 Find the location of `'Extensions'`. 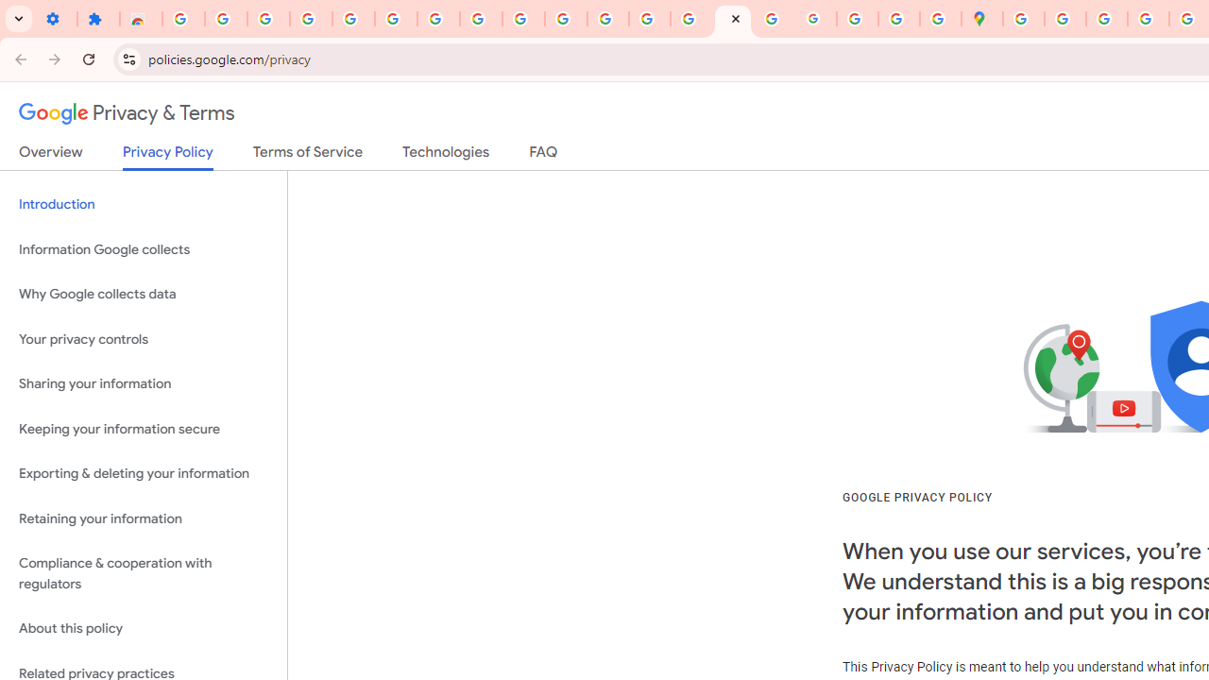

'Extensions' is located at coordinates (97, 19).